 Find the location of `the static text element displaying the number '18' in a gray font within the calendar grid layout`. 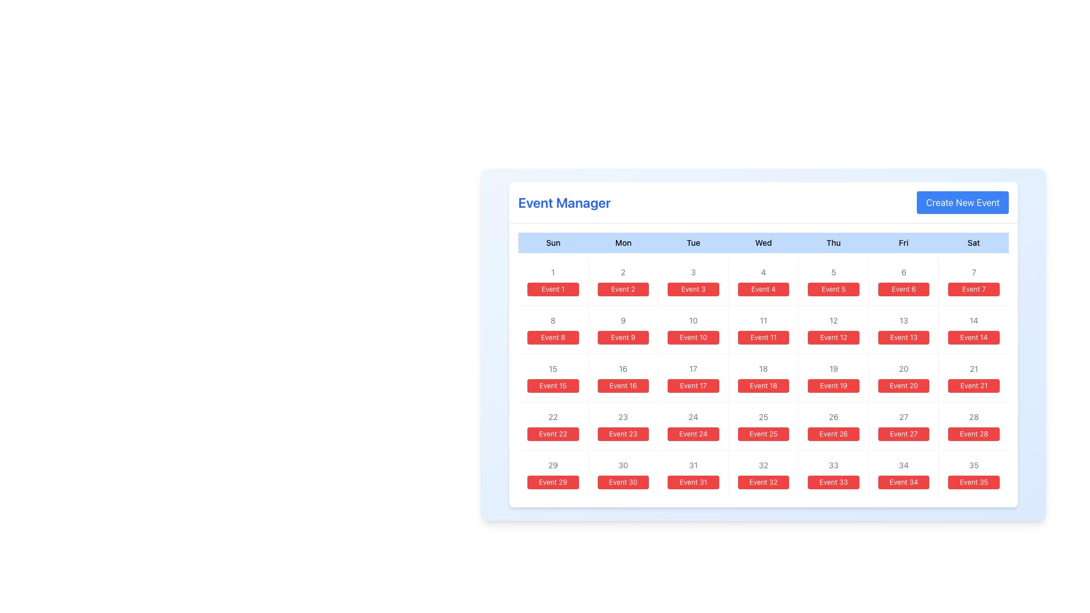

the static text element displaying the number '18' in a gray font within the calendar grid layout is located at coordinates (763, 369).